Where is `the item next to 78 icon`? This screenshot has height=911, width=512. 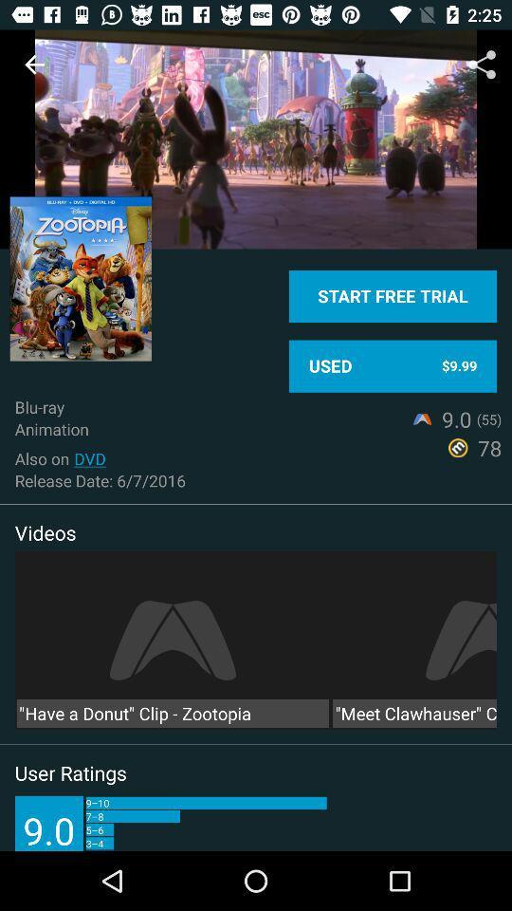
the item next to 78 icon is located at coordinates (89, 457).